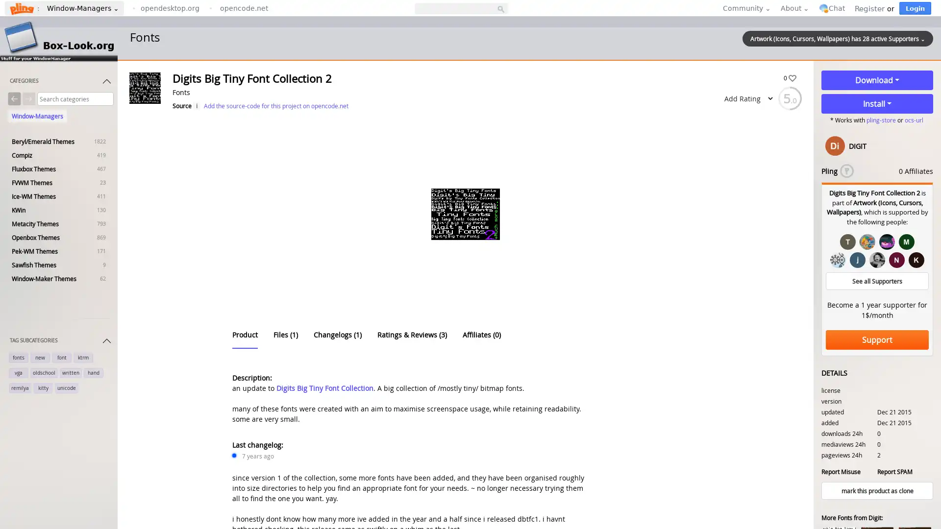 This screenshot has width=941, height=529. What do you see at coordinates (877, 339) in the screenshot?
I see `Support` at bounding box center [877, 339].